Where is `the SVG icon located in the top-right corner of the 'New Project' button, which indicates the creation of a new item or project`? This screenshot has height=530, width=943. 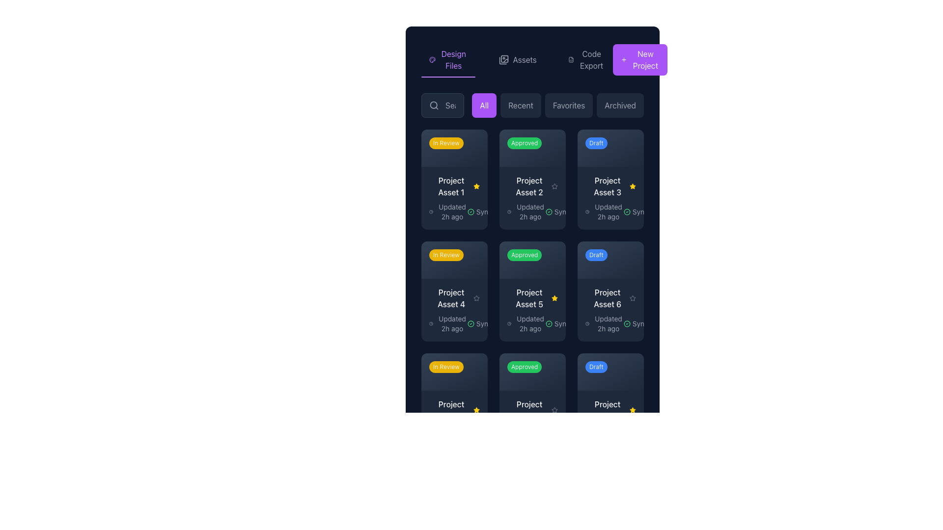
the SVG icon located in the top-right corner of the 'New Project' button, which indicates the creation of a new item or project is located at coordinates (623, 60).